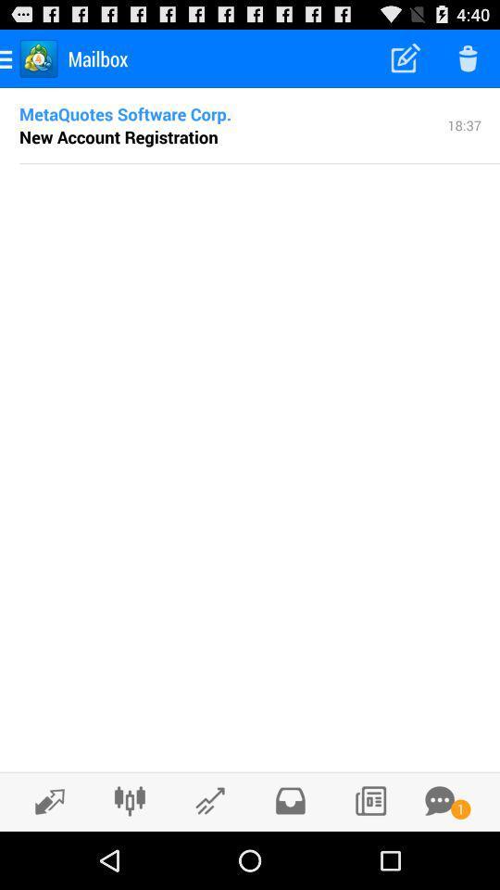  Describe the element at coordinates (125, 112) in the screenshot. I see `icon next to 18:37 item` at that location.